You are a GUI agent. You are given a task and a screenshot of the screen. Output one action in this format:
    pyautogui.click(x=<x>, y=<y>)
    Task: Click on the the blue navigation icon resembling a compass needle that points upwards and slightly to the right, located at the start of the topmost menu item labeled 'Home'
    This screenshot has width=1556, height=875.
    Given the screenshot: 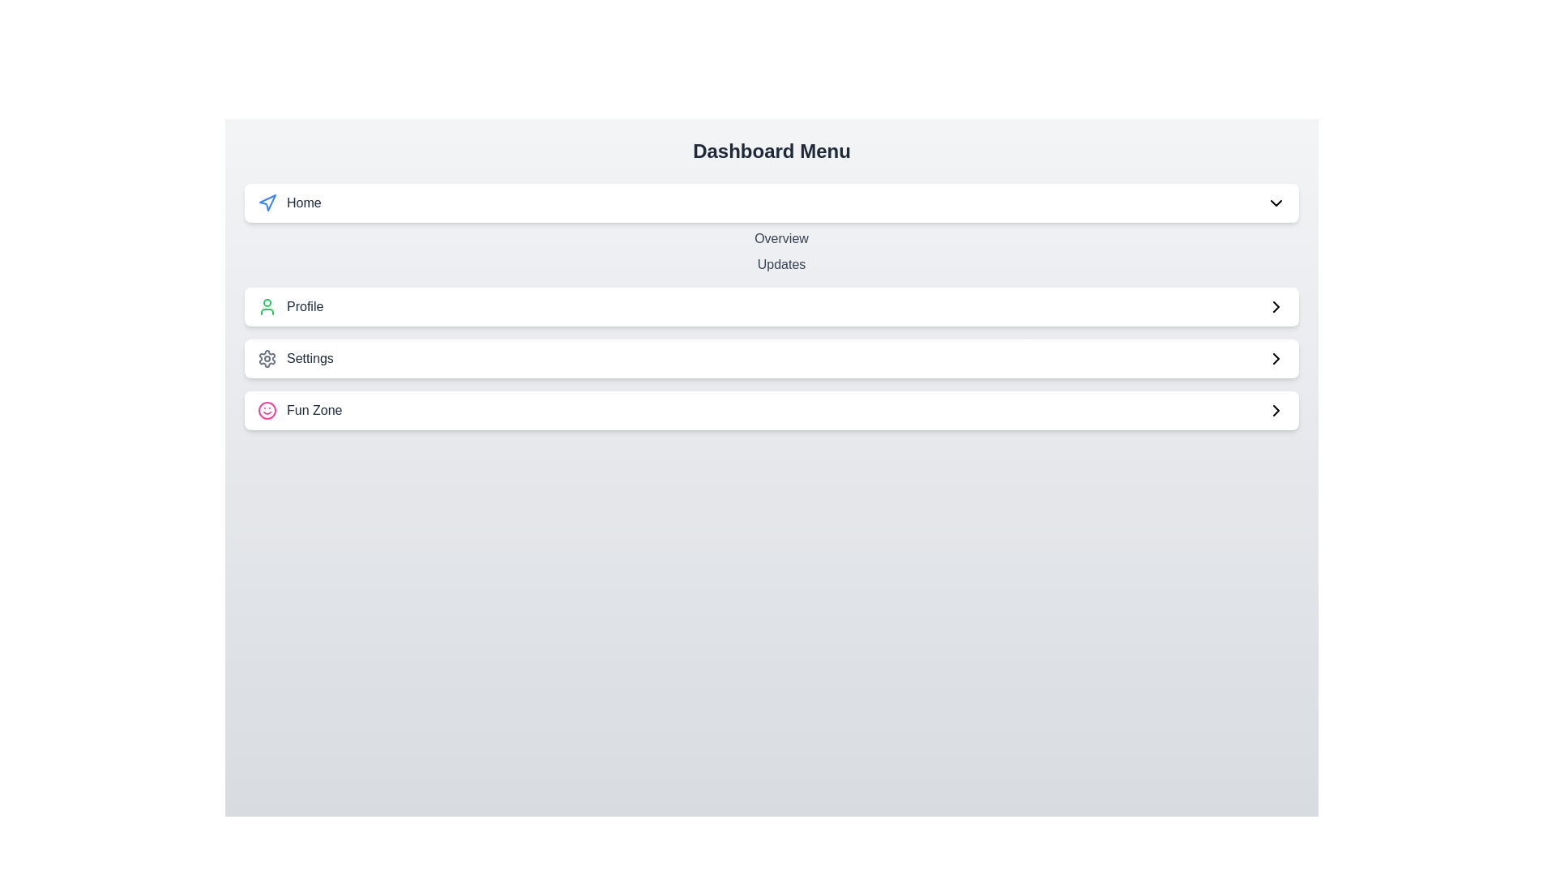 What is the action you would take?
    pyautogui.click(x=267, y=202)
    